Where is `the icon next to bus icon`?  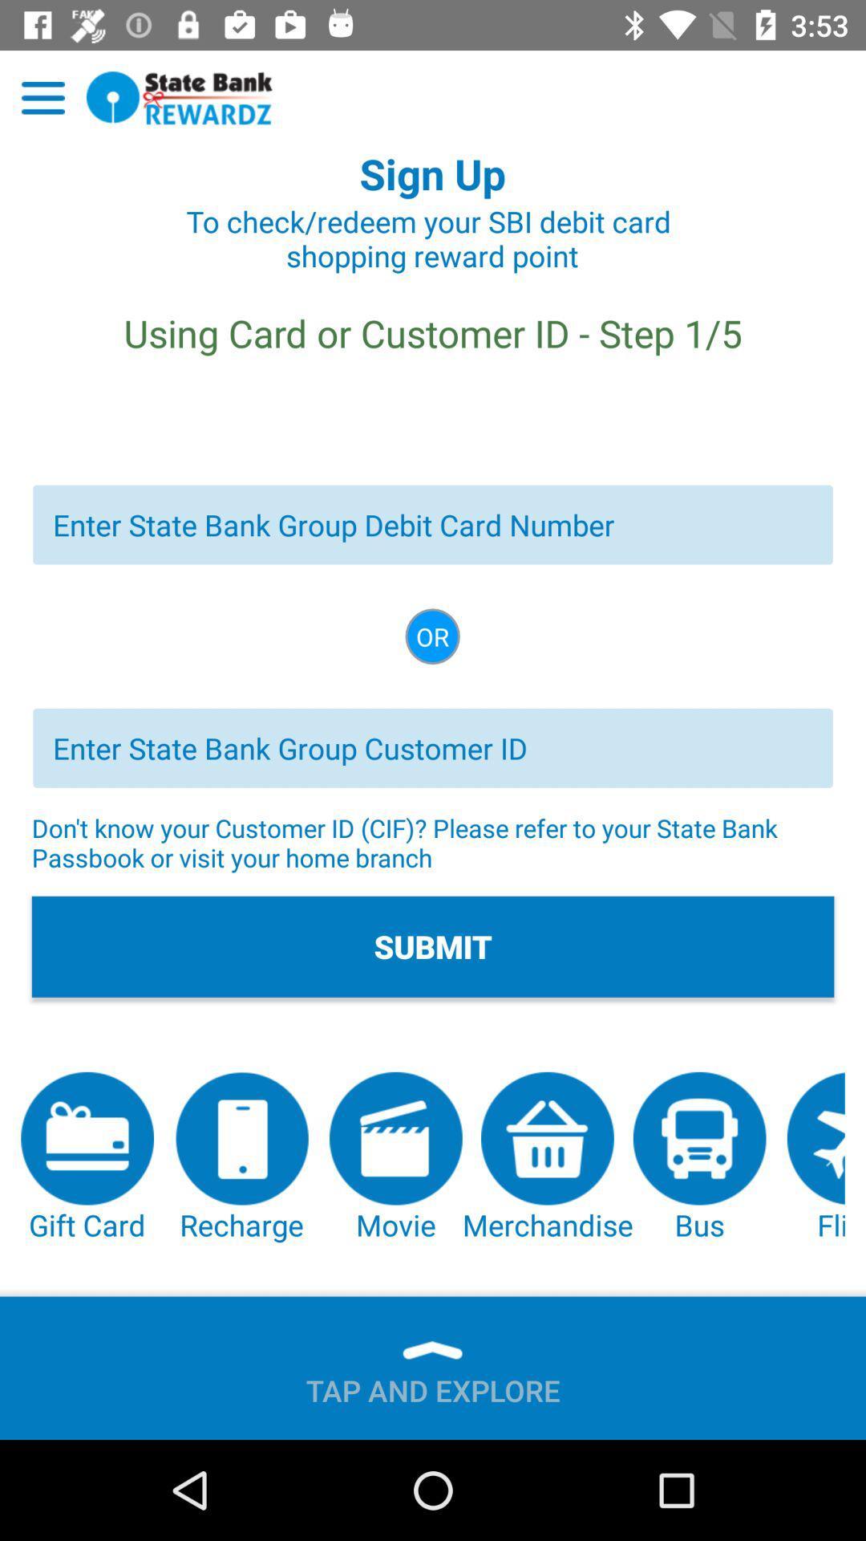
the icon next to bus icon is located at coordinates (547, 1158).